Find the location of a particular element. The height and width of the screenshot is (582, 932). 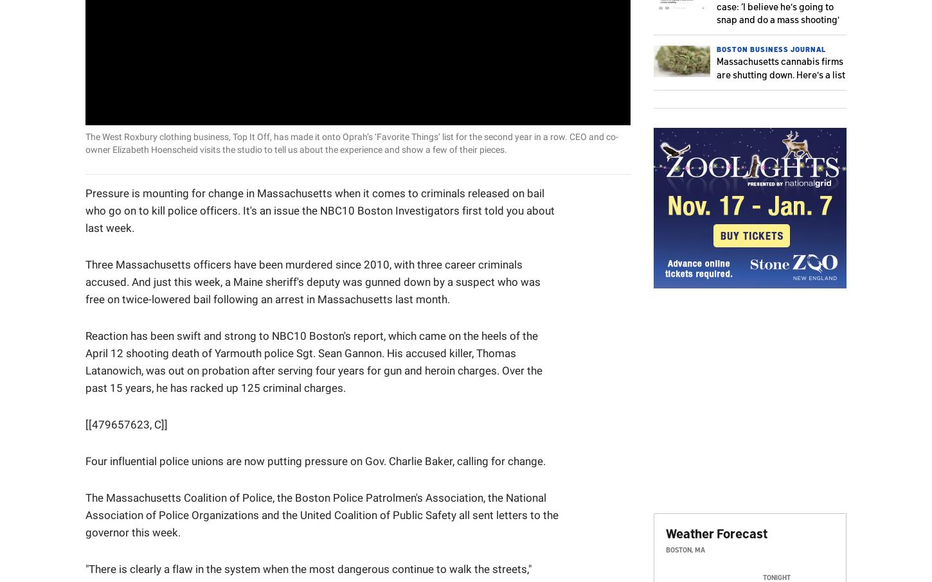

'/' is located at coordinates (145, 110).